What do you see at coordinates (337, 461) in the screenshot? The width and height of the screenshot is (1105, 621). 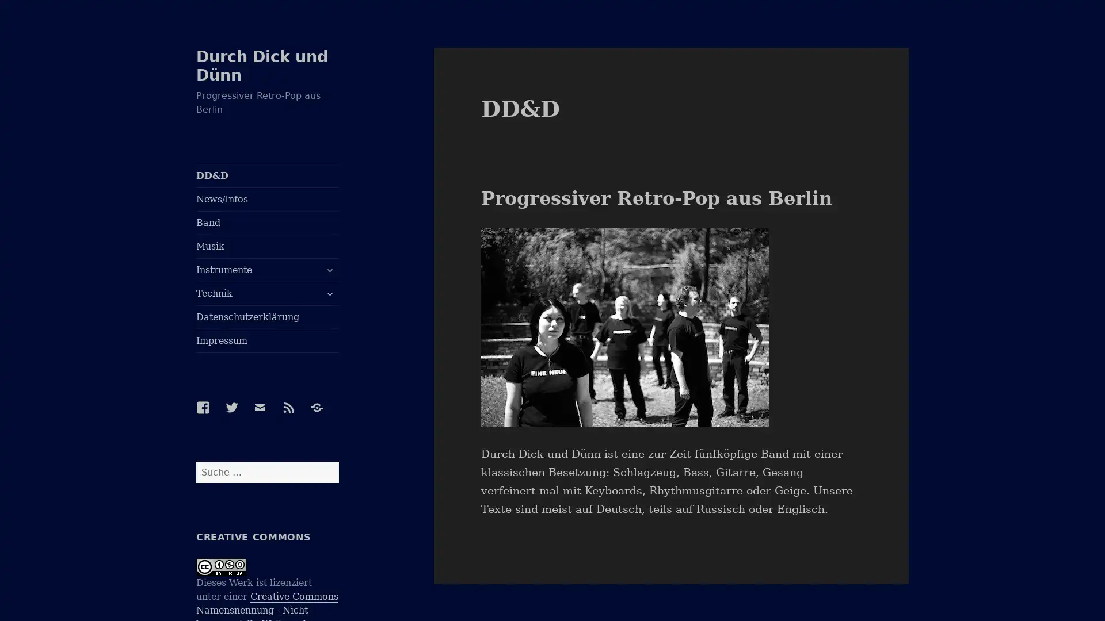 I see `Suche` at bounding box center [337, 461].